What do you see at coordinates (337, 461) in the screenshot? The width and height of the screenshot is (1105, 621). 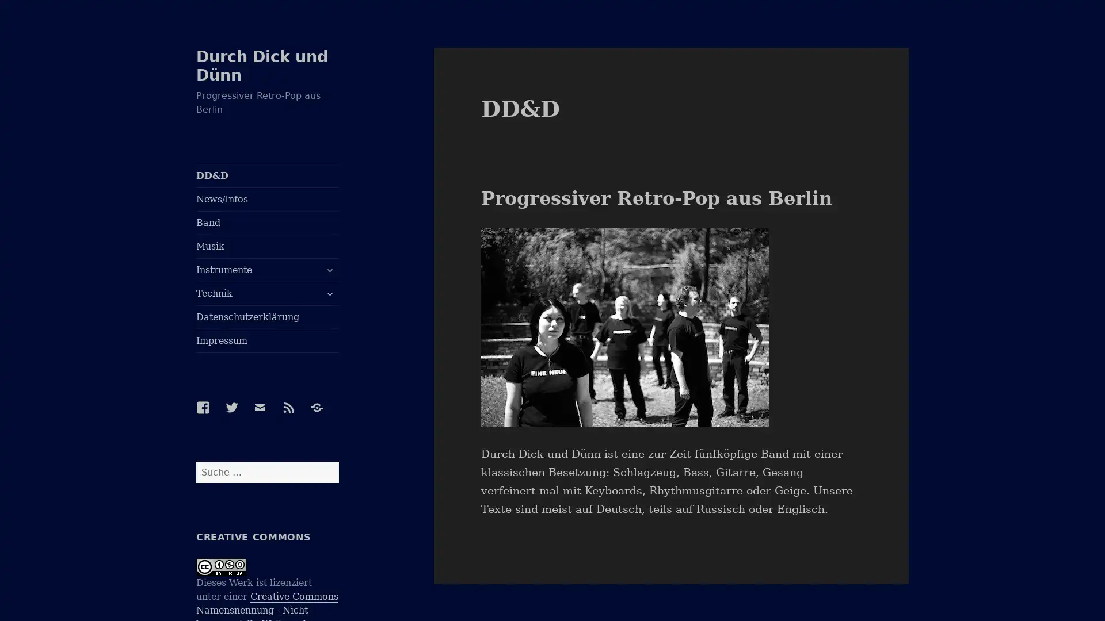 I see `Suche` at bounding box center [337, 461].